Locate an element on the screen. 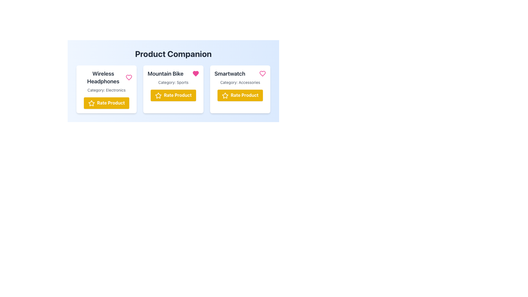 Image resolution: width=528 pixels, height=297 pixels. the rating button located at the bottom-center of the 'Wireless Headphones' card in the 'Electronics' category to initiate the rating process is located at coordinates (106, 103).